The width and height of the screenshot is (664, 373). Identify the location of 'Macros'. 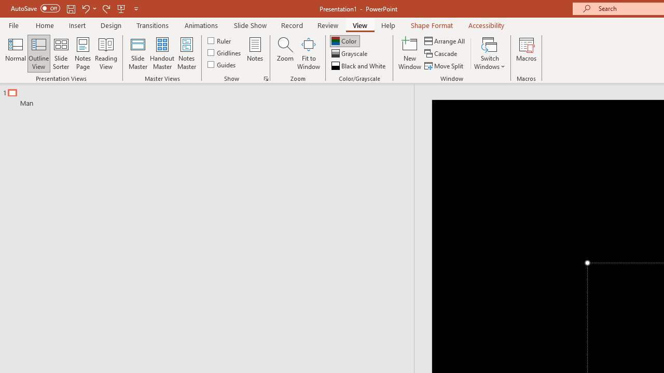
(527, 53).